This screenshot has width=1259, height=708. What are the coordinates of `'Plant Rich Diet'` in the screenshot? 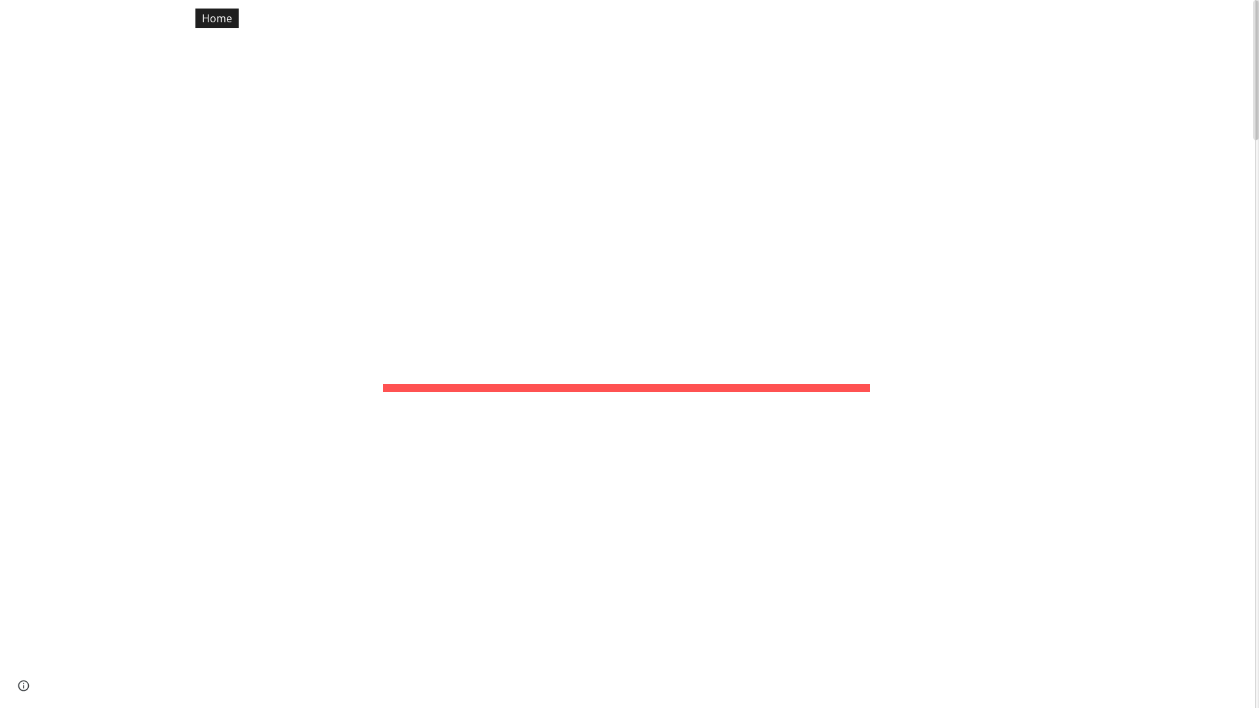 It's located at (683, 18).